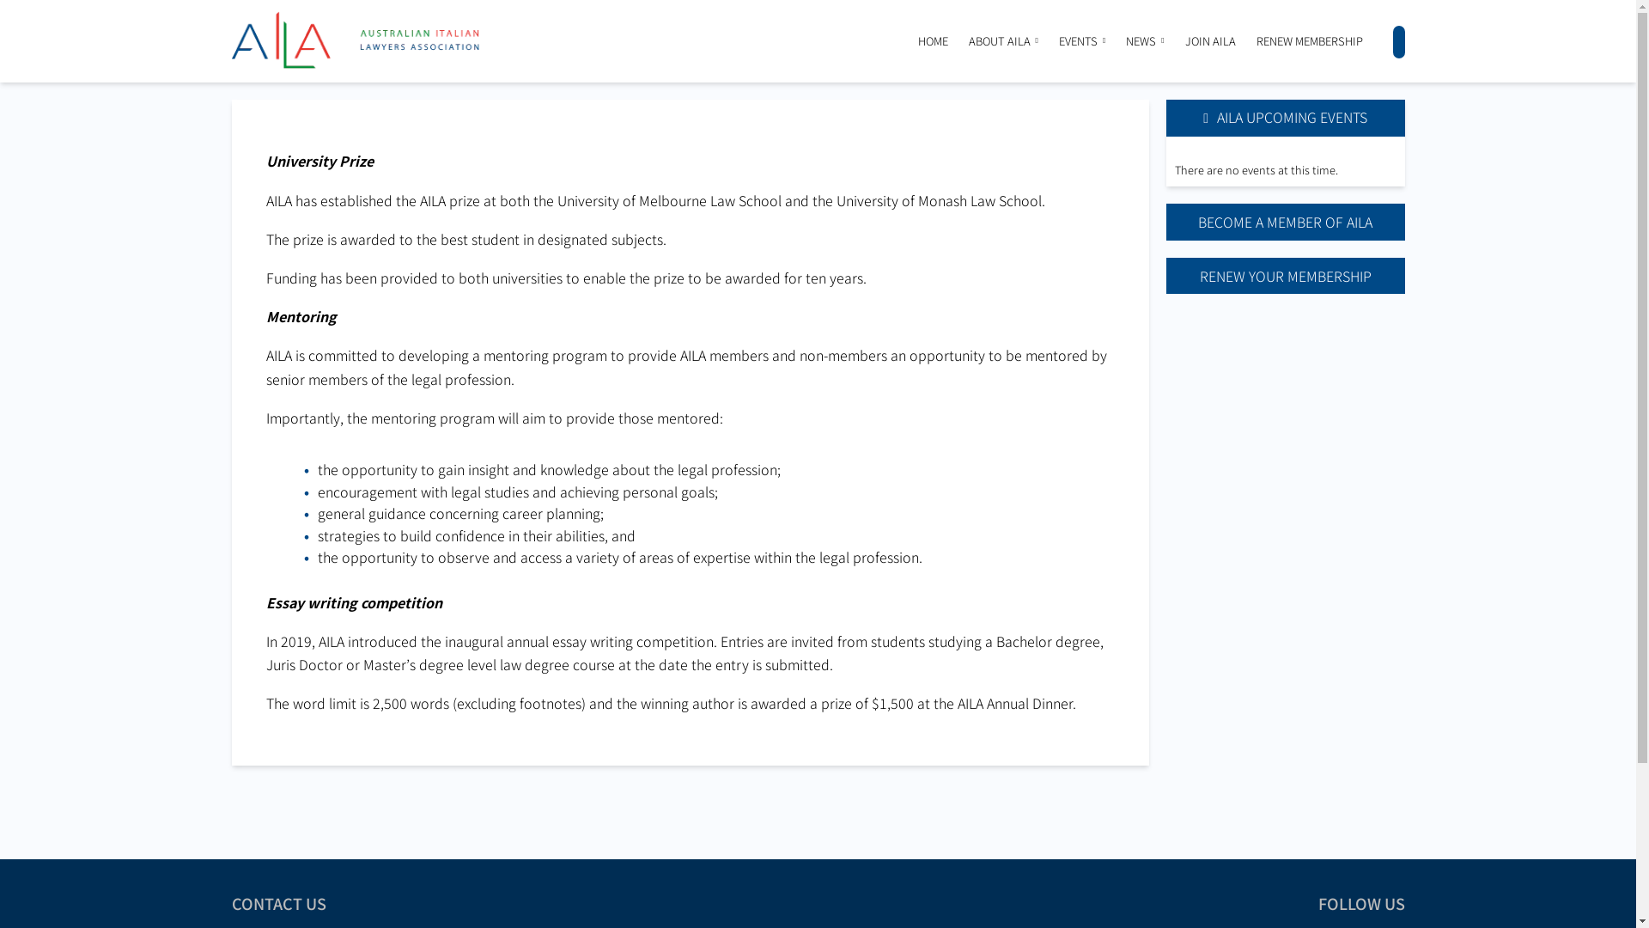 The image size is (1649, 928). I want to click on 'EVENTS', so click(1077, 40).